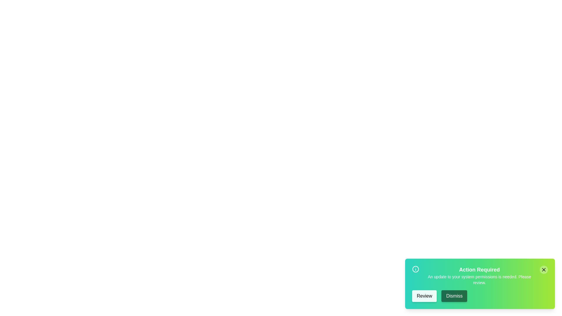 The image size is (562, 316). Describe the element at coordinates (424, 296) in the screenshot. I see `the Review button to observe its hover effect` at that location.